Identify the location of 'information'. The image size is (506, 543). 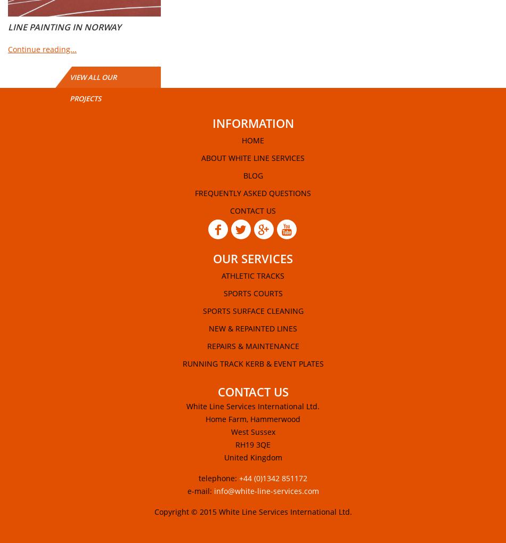
(211, 123).